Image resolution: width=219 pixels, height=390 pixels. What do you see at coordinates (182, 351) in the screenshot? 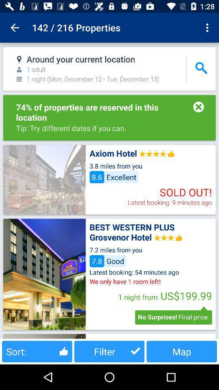
I see `the map button` at bounding box center [182, 351].